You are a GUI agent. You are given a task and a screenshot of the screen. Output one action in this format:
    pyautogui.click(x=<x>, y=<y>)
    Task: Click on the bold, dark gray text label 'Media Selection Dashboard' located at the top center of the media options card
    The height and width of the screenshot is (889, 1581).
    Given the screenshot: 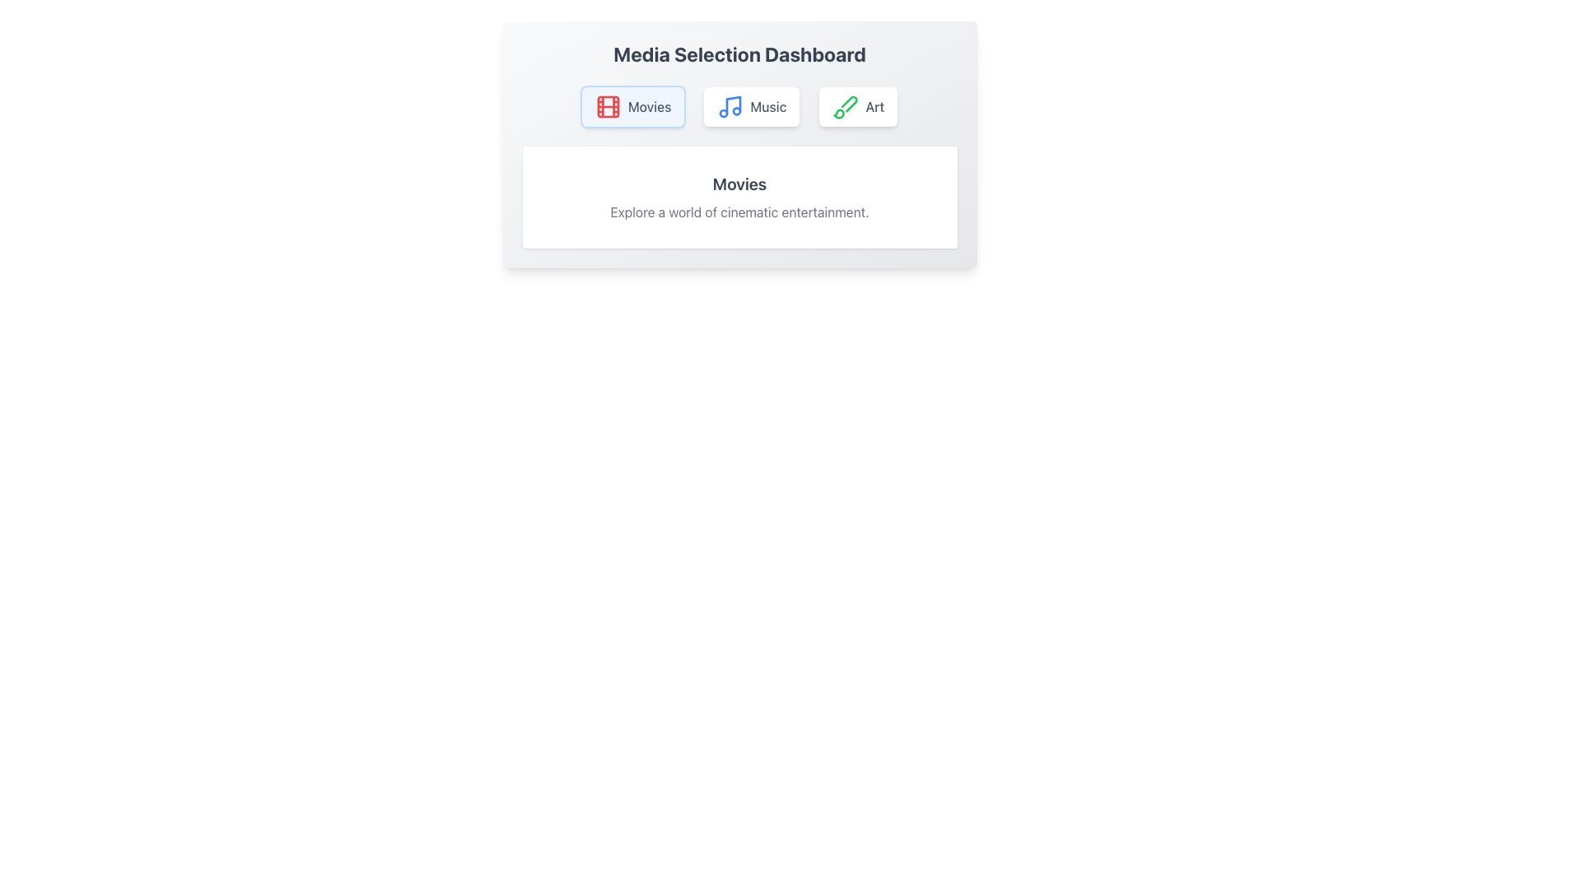 What is the action you would take?
    pyautogui.click(x=739, y=53)
    